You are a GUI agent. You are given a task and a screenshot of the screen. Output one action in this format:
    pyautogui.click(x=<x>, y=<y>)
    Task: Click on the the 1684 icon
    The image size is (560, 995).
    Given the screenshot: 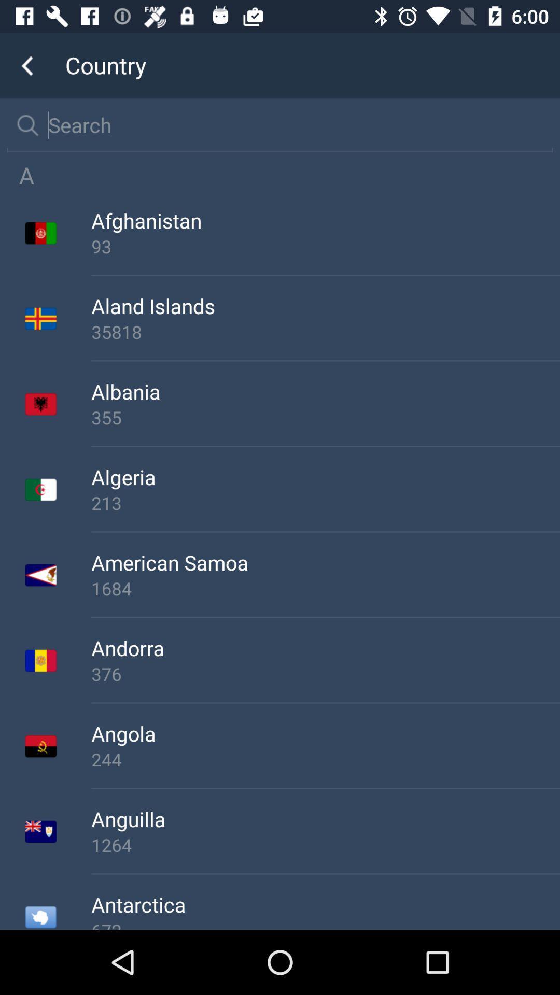 What is the action you would take?
    pyautogui.click(x=325, y=588)
    